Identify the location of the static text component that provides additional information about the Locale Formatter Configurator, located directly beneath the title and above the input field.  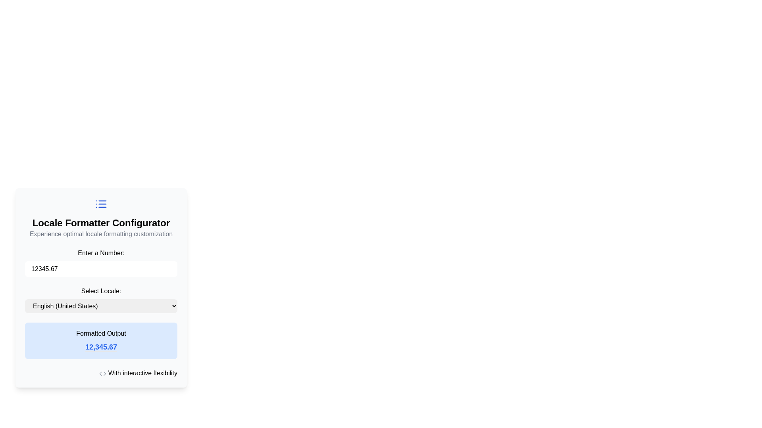
(100, 233).